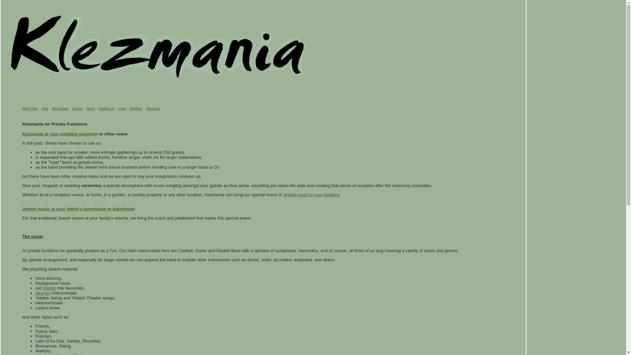 This screenshot has width=631, height=355. I want to click on 'Gigs', so click(41, 108).